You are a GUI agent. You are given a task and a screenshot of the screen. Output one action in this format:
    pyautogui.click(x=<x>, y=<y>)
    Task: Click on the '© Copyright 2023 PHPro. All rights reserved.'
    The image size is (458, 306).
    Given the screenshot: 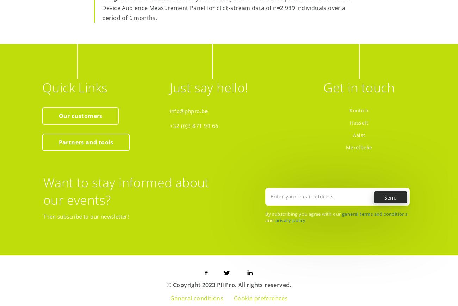 What is the action you would take?
    pyautogui.click(x=229, y=285)
    